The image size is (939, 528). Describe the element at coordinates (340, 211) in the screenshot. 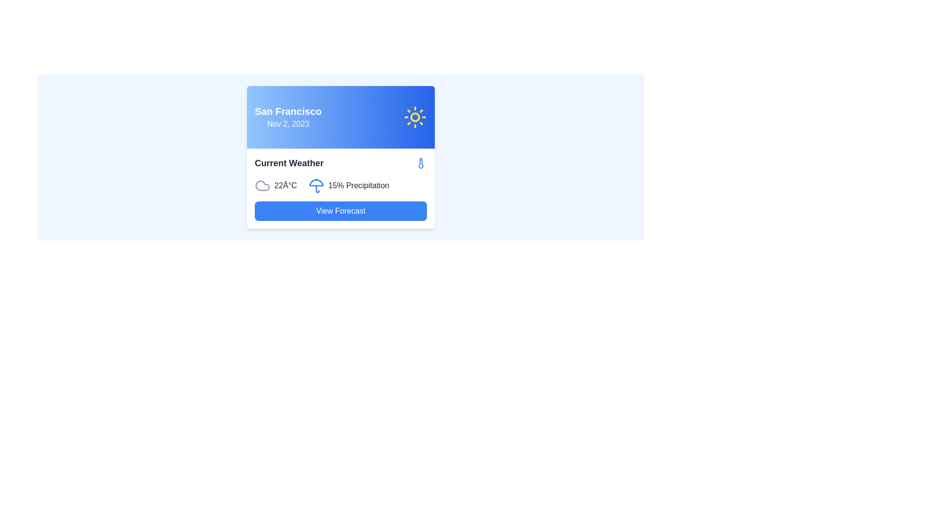

I see `the navigation button located at the lower section of the 'Current Weather' card` at that location.